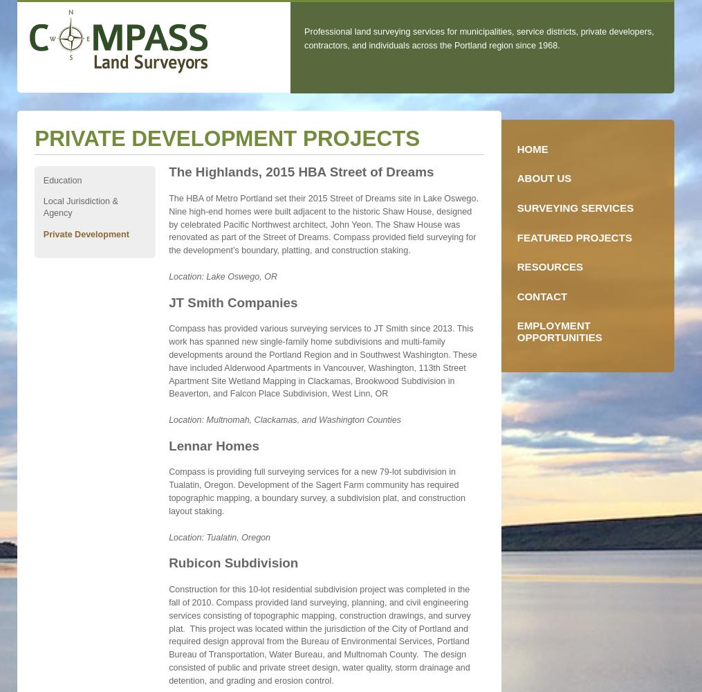 The height and width of the screenshot is (692, 702). What do you see at coordinates (169, 635) in the screenshot?
I see `'Construction for this 10-lot residential subdivision project was completed in the fall of 2010. Compass provided land surveying, planning, and civil engineering services consisting of topographic mapping, construction drawings, and survey plat.  This project was located within the jurisdiction of the City of Portland and required design approval from the Bureau of Environmental Services, Portland Bureau of Transportation, Water Bureau, and Multnomah County.  The design consisted of public and private street design, water quality, storm drainage and detention, and grading and erosion control.'` at bounding box center [169, 635].